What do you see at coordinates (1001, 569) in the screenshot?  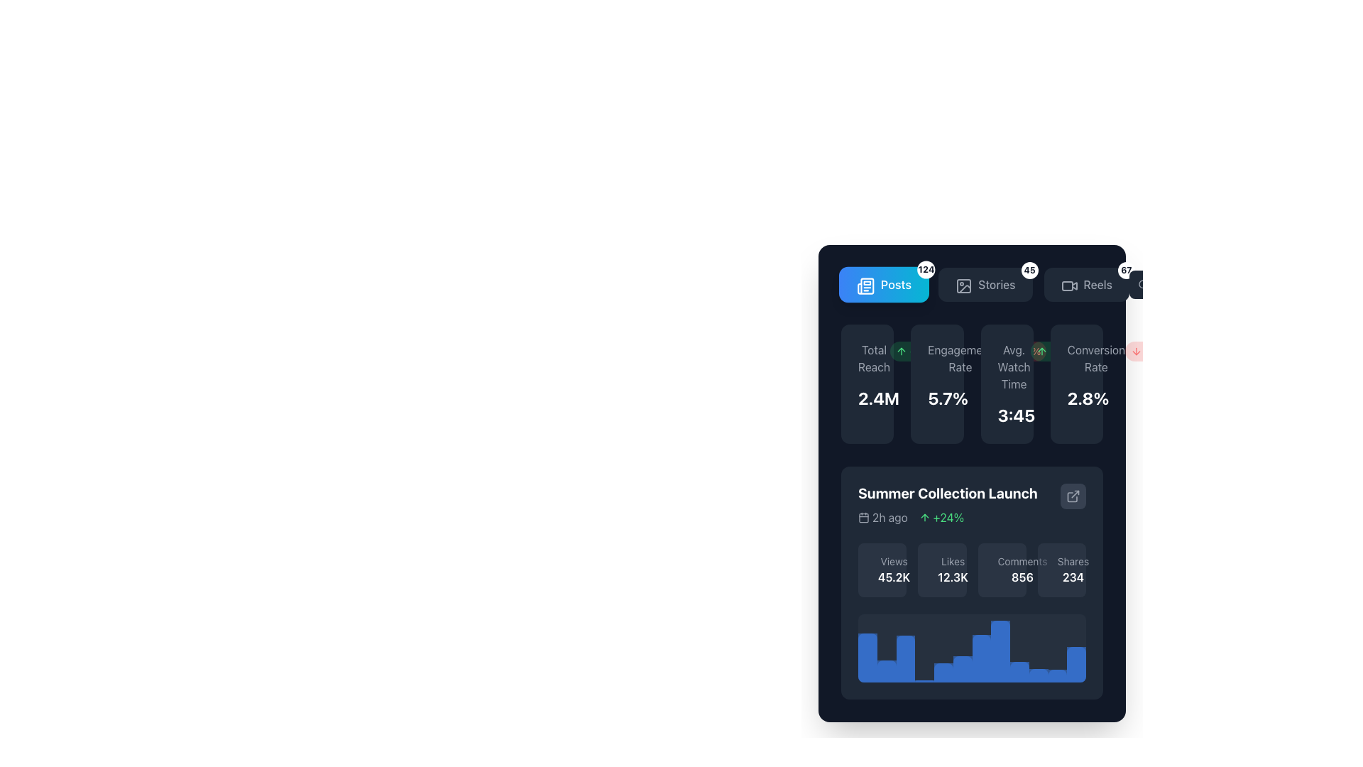 I see `the informational statistic card displaying the count of comments, which features a gray background, rounded corners, a green message icon, and the text '856' in bold white font` at bounding box center [1001, 569].